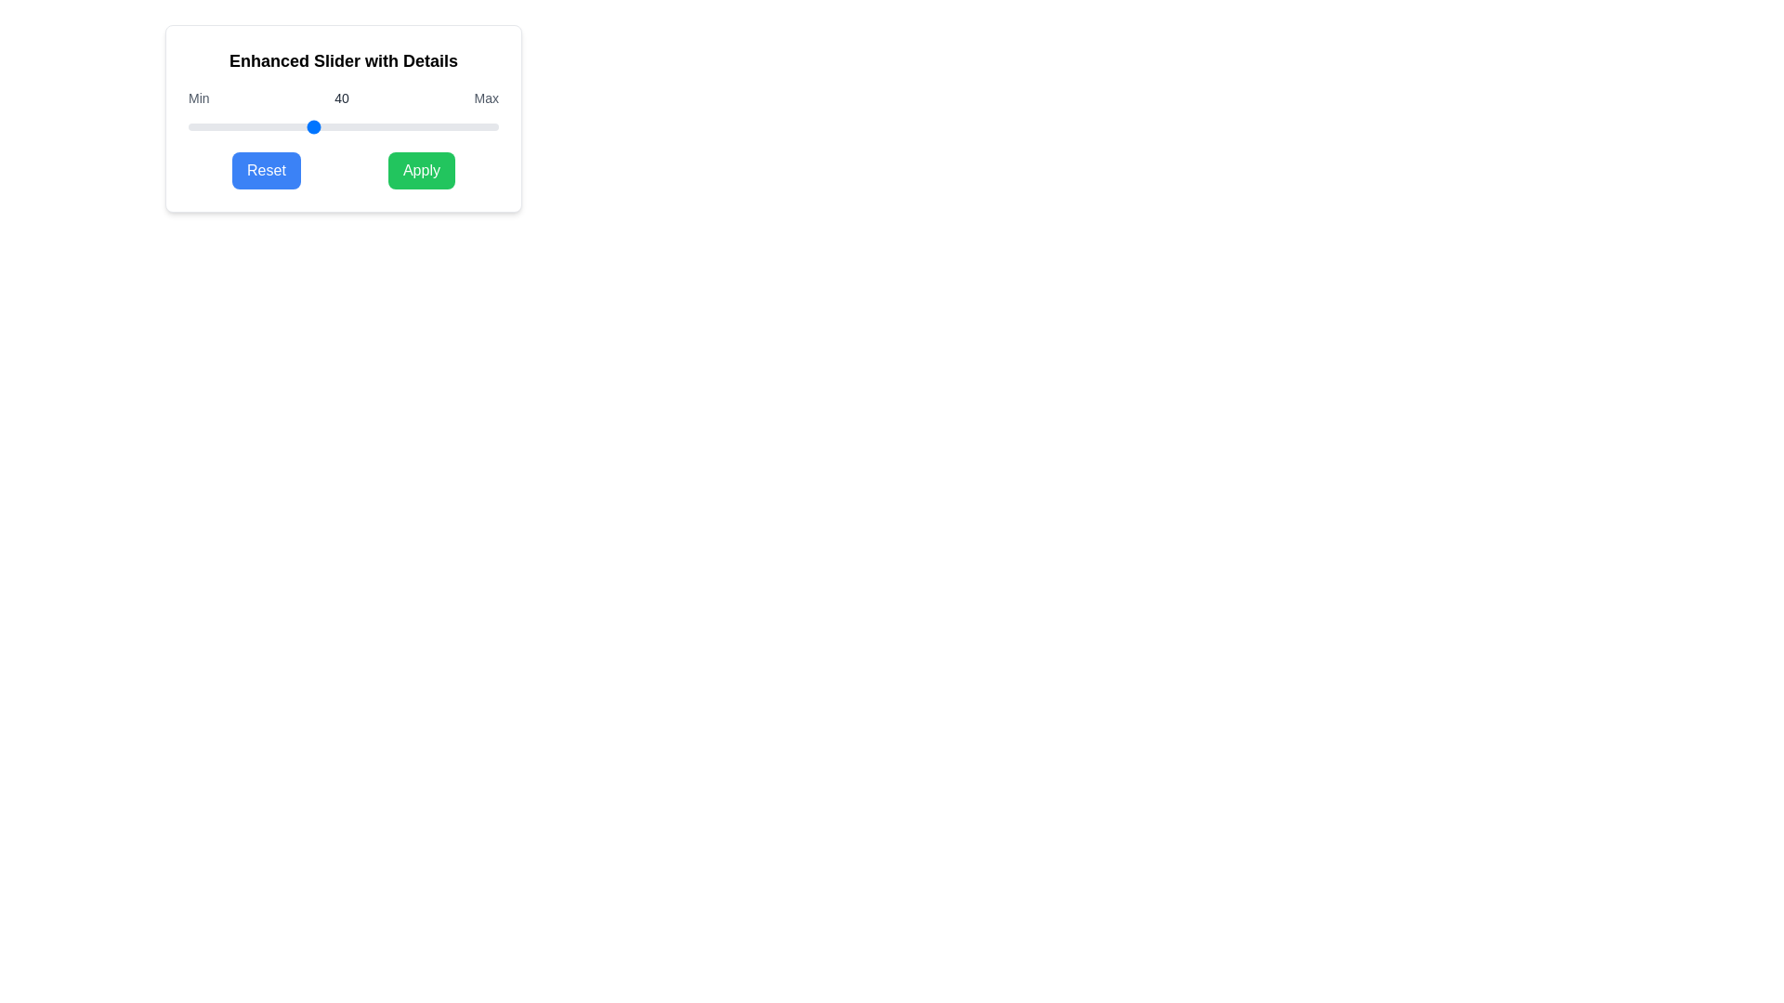  I want to click on the slider, so click(461, 126).